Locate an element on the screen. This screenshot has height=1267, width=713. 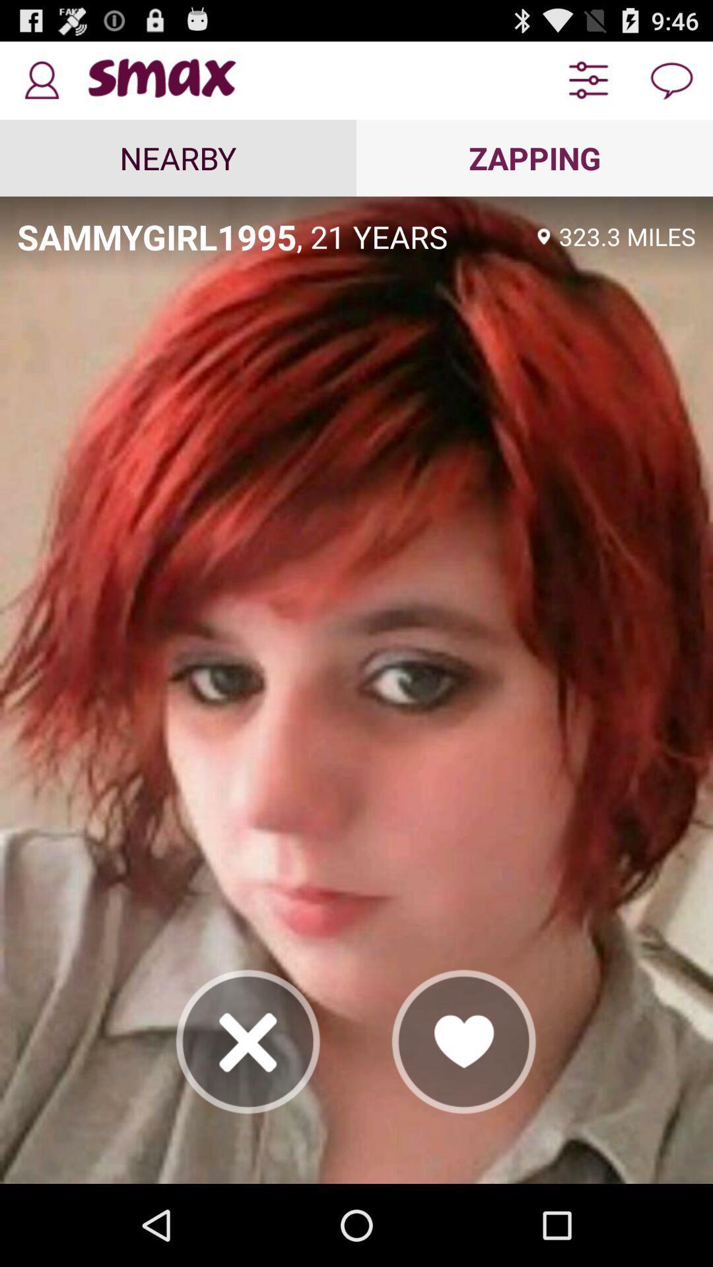
nearby app is located at coordinates (178, 158).